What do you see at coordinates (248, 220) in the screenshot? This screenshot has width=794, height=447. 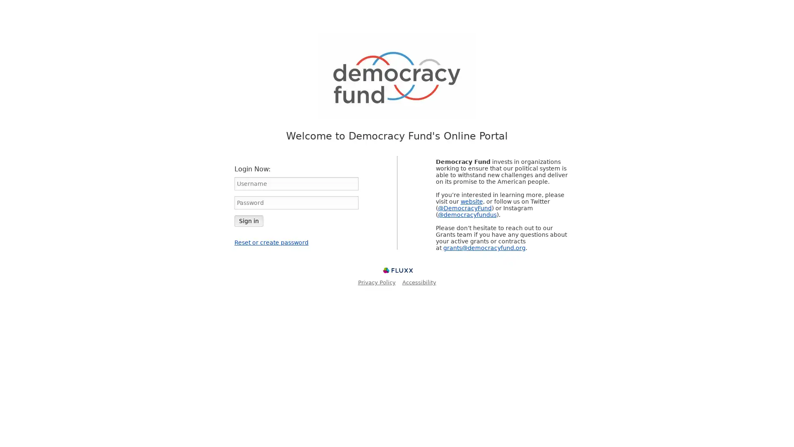 I see `Sign in` at bounding box center [248, 220].